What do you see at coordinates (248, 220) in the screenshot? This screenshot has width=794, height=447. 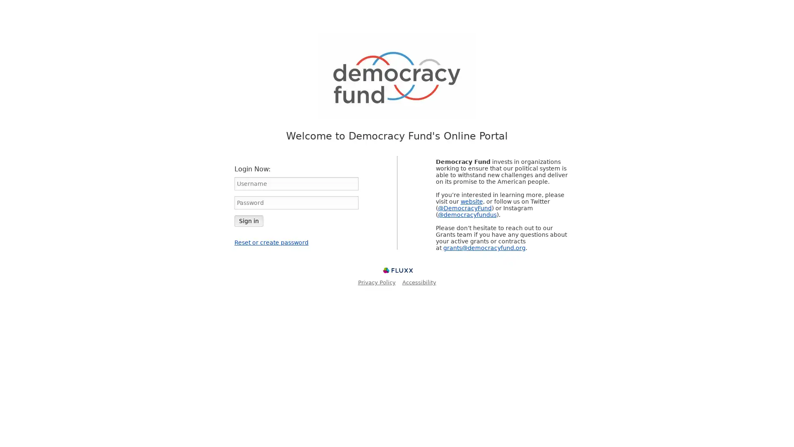 I see `Sign in` at bounding box center [248, 220].